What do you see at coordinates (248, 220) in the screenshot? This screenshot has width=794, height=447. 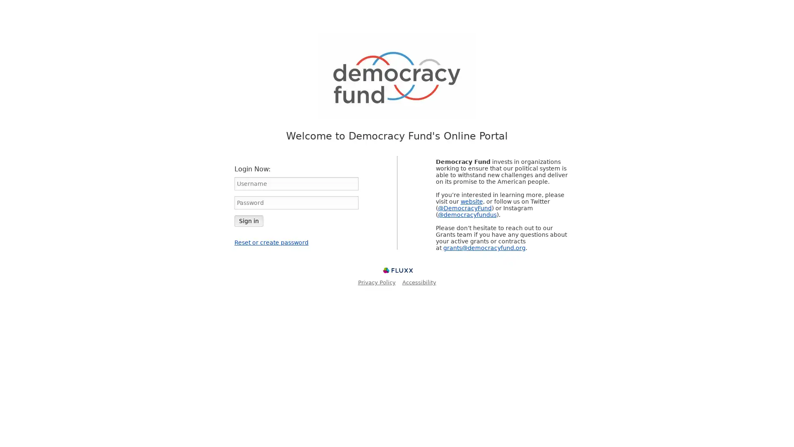 I see `Sign in` at bounding box center [248, 220].